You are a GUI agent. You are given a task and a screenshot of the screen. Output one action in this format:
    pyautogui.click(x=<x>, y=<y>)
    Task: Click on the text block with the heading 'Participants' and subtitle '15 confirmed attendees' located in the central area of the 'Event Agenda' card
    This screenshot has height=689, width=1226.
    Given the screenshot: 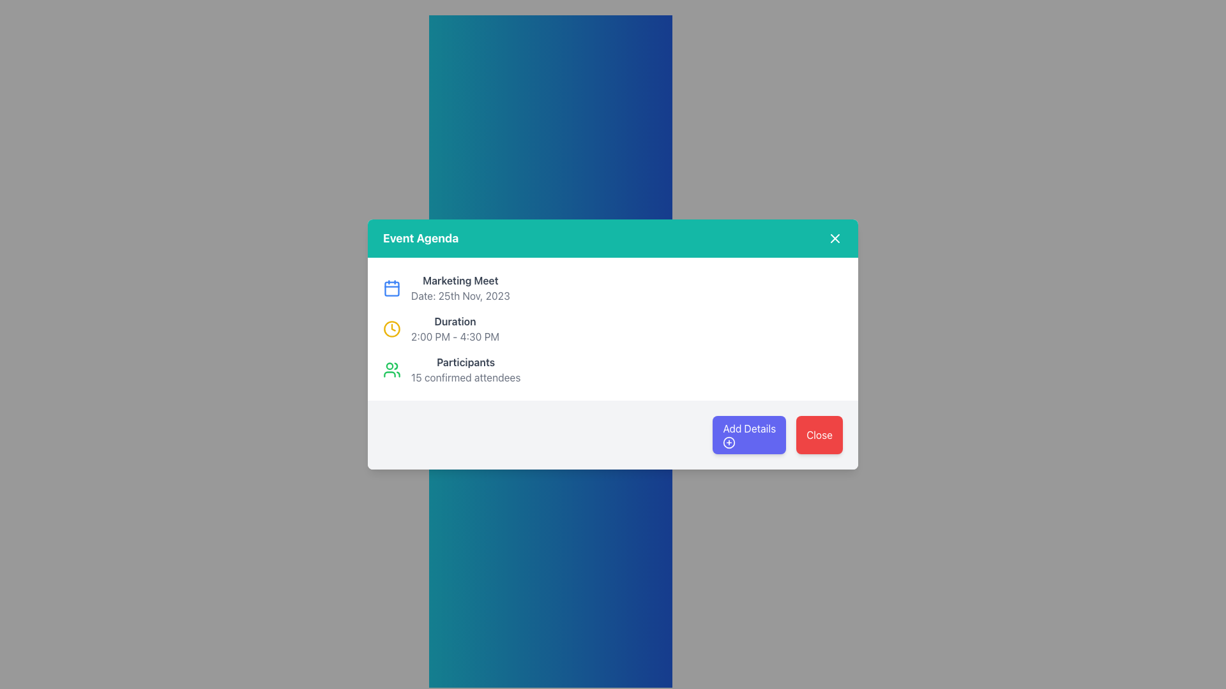 What is the action you would take?
    pyautogui.click(x=465, y=369)
    